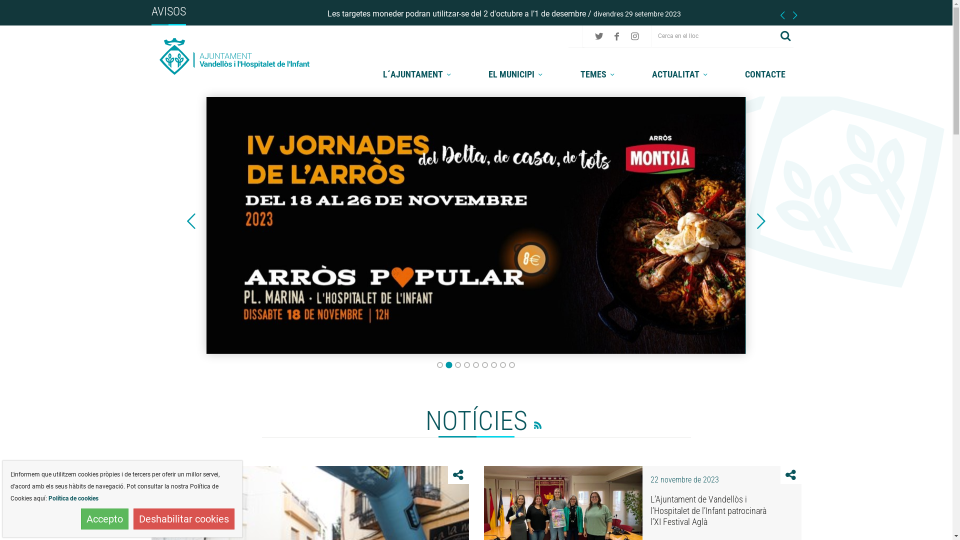 Image resolution: width=960 pixels, height=540 pixels. What do you see at coordinates (680, 73) in the screenshot?
I see `'ACTUALITAT'` at bounding box center [680, 73].